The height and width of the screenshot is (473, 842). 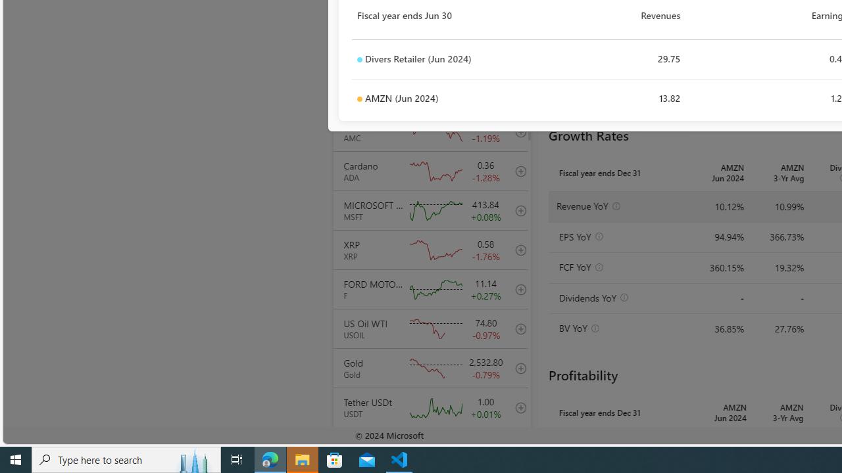 I want to click on 'Class: symbolDot-DS-EntryPoint1-2', so click(x=359, y=99).